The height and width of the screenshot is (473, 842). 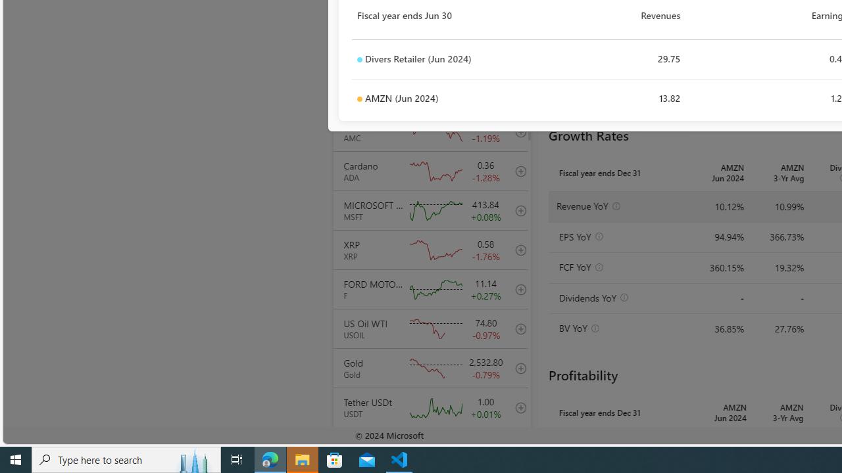 I want to click on 'Class: symbolDot-DS-EntryPoint1-2', so click(x=359, y=99).